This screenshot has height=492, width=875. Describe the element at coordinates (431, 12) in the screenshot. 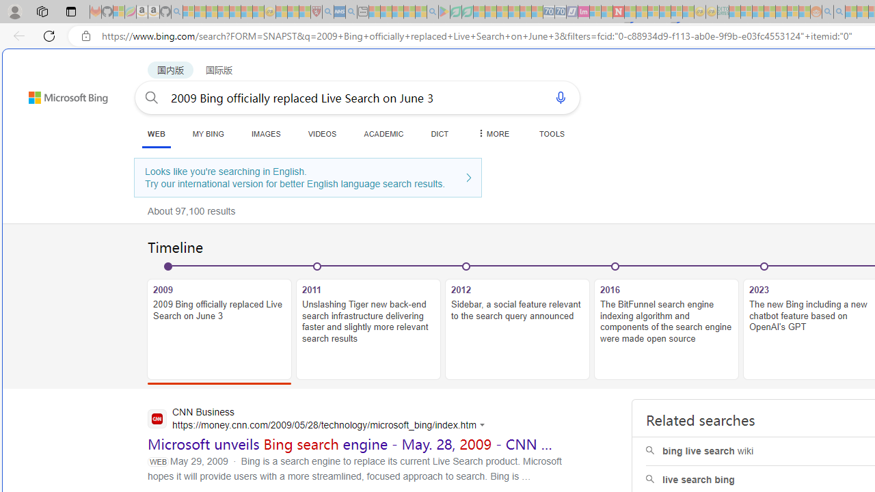

I see `'google - Search - Sleeping'` at that location.